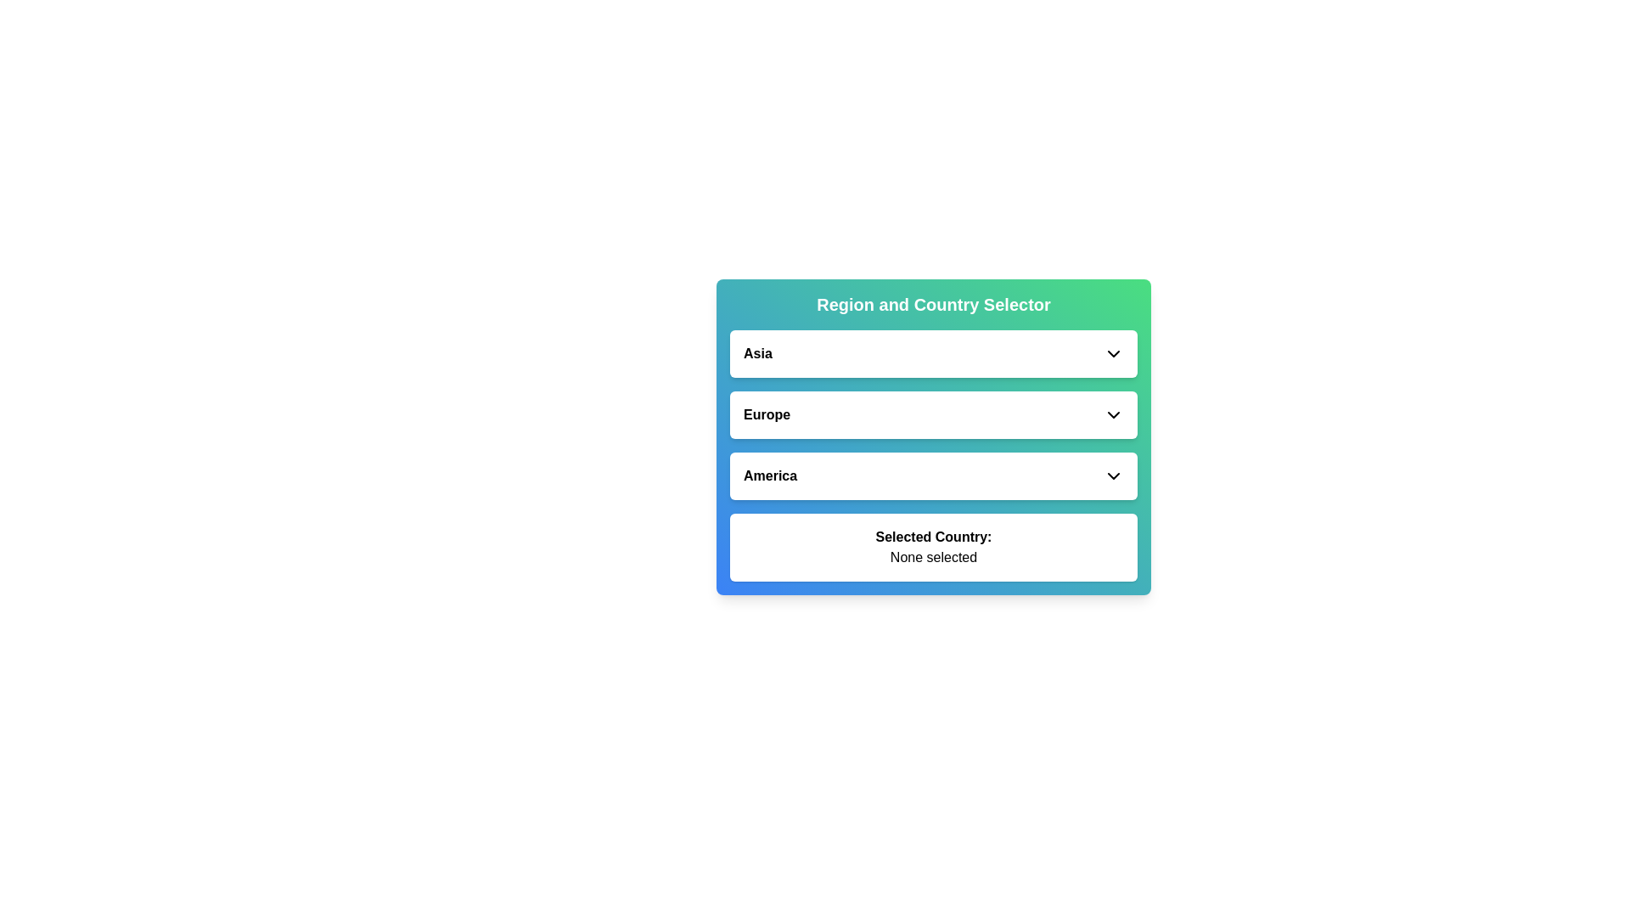 The width and height of the screenshot is (1630, 917). Describe the element at coordinates (932, 475) in the screenshot. I see `the Dropdown selector displaying 'America'` at that location.